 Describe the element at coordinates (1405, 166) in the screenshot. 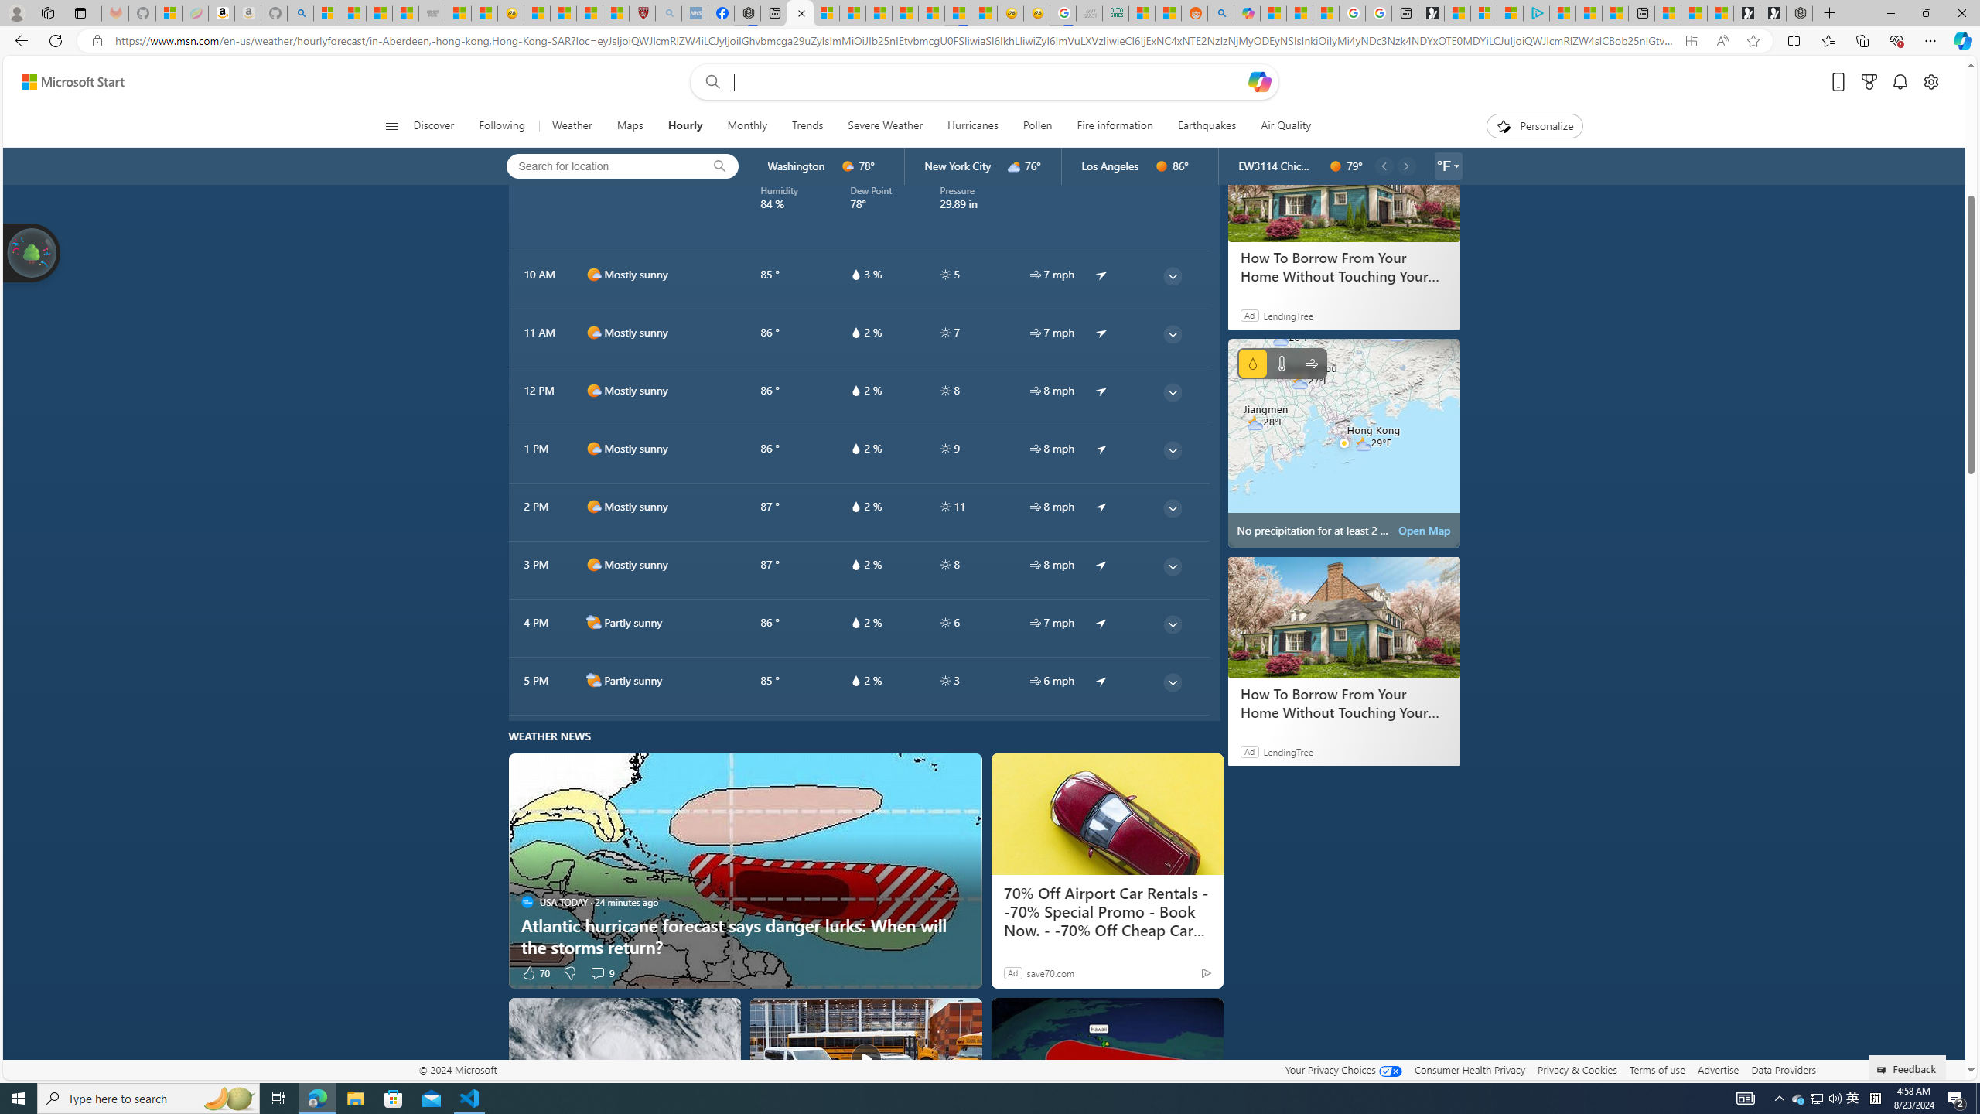

I see `'common/carouselChevron'` at that location.